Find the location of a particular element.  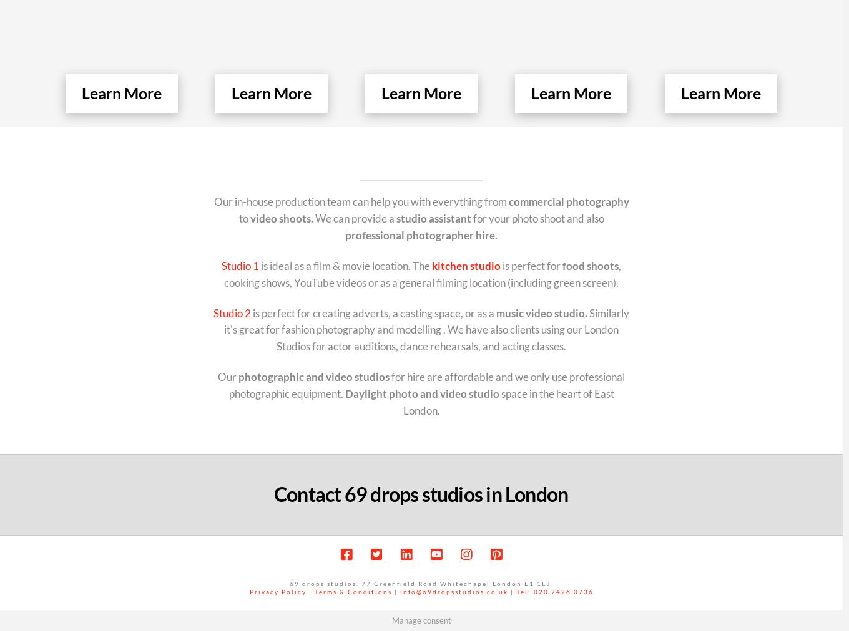

'We can provide a' is located at coordinates (354, 217).